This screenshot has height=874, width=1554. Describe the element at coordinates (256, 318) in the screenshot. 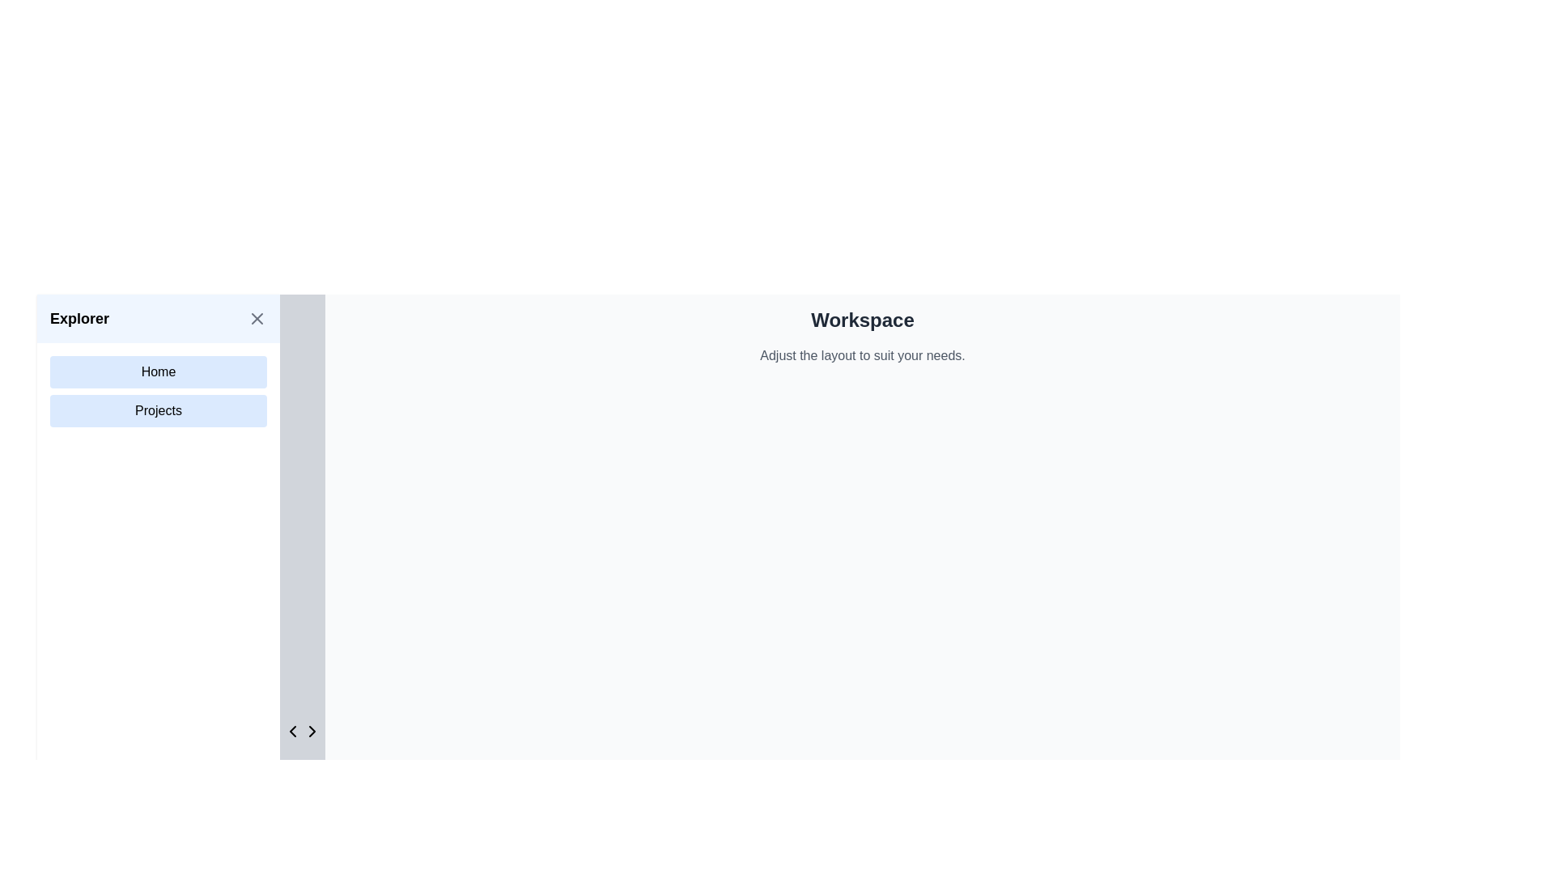

I see `the close button, which is an 'X' icon in gray color located in the top-right corner of the 'Explorer' header section` at that location.